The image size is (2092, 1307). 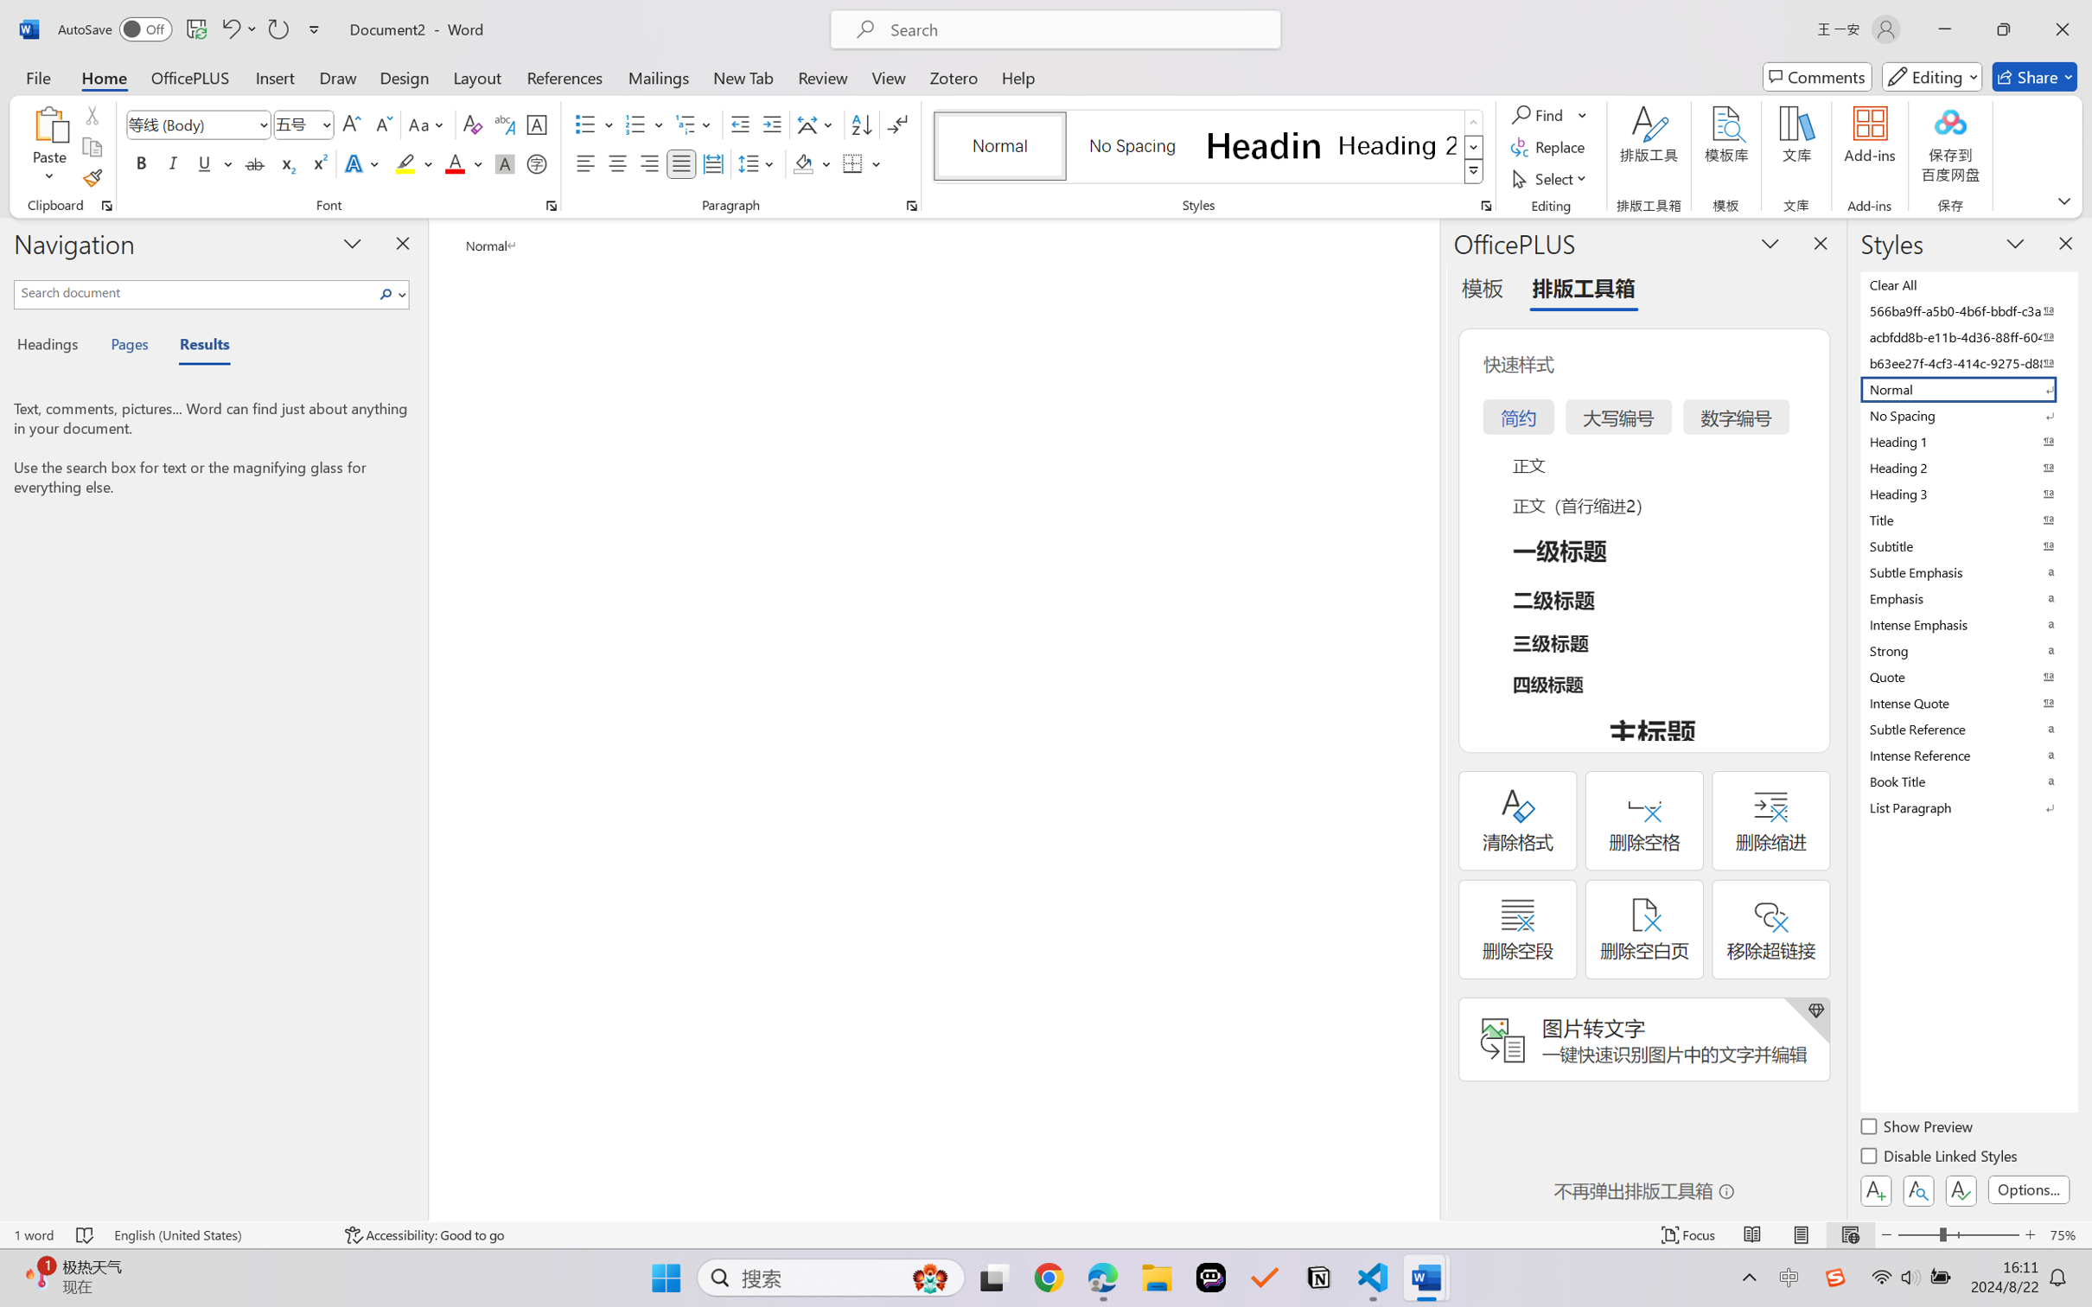 I want to click on 'Insert', so click(x=274, y=76).